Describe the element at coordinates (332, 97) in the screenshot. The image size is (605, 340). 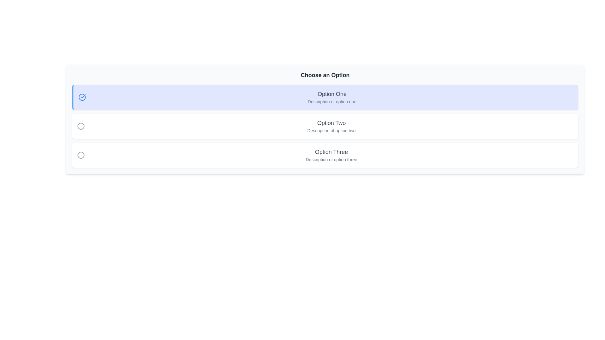
I see `to select the first option in the interactive list located directly under the heading 'Choose an Option'` at that location.